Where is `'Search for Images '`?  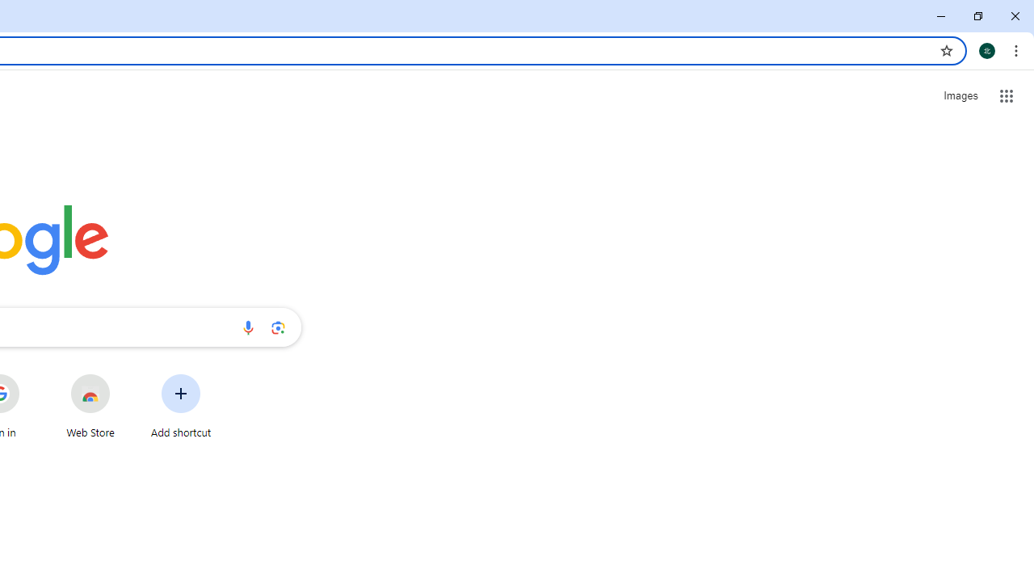
'Search for Images ' is located at coordinates (960, 96).